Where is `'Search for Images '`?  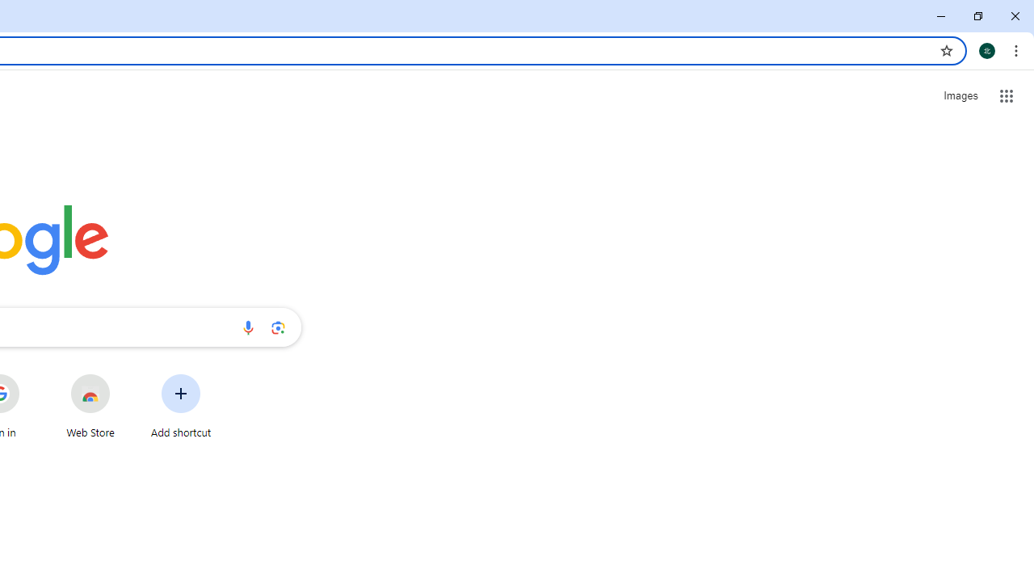
'Search for Images ' is located at coordinates (960, 96).